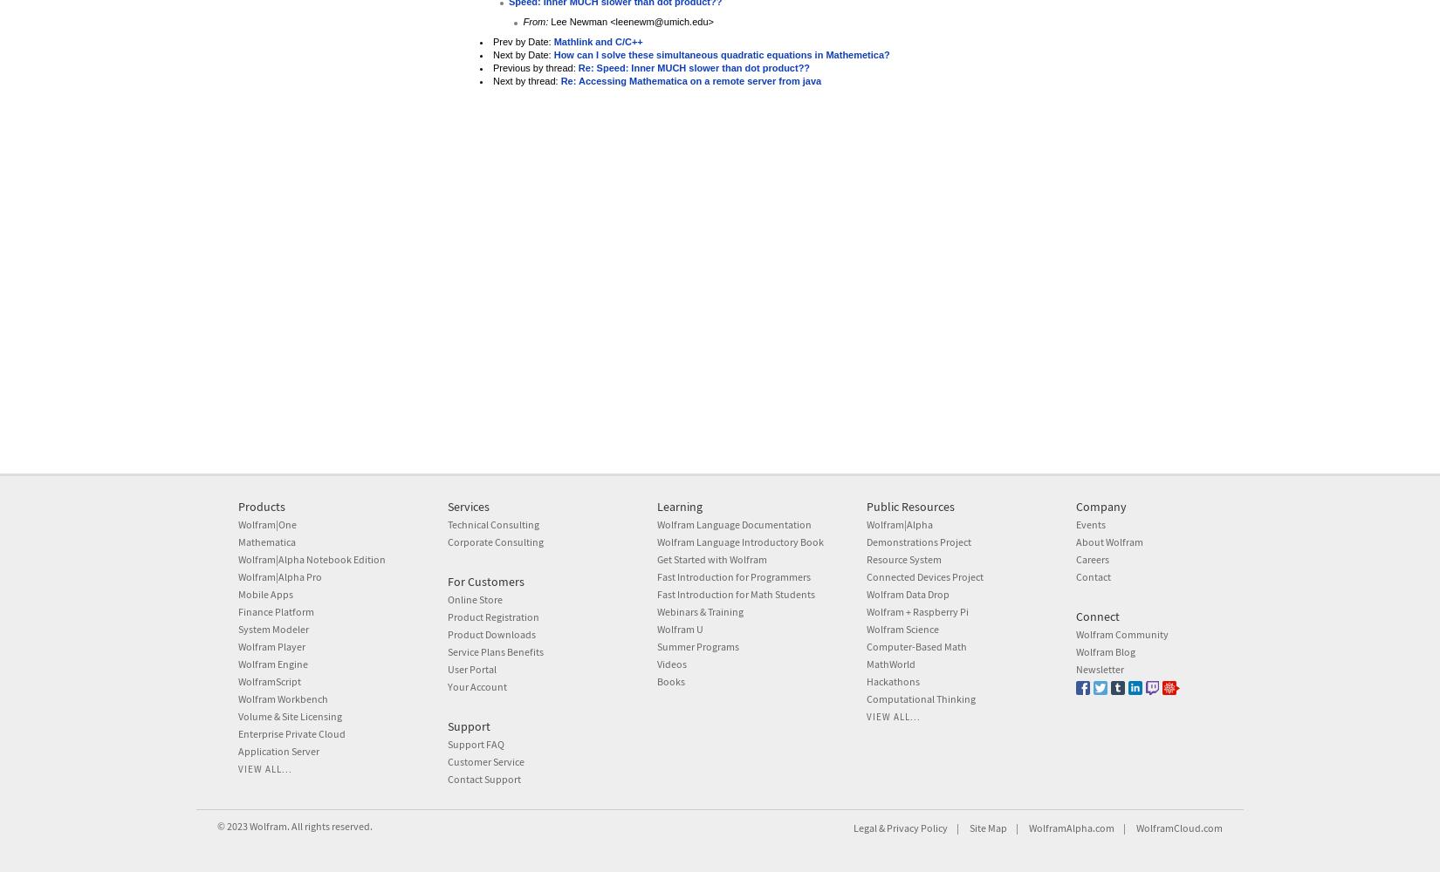 This screenshot has width=1440, height=872. What do you see at coordinates (475, 742) in the screenshot?
I see `'Support FAQ'` at bounding box center [475, 742].